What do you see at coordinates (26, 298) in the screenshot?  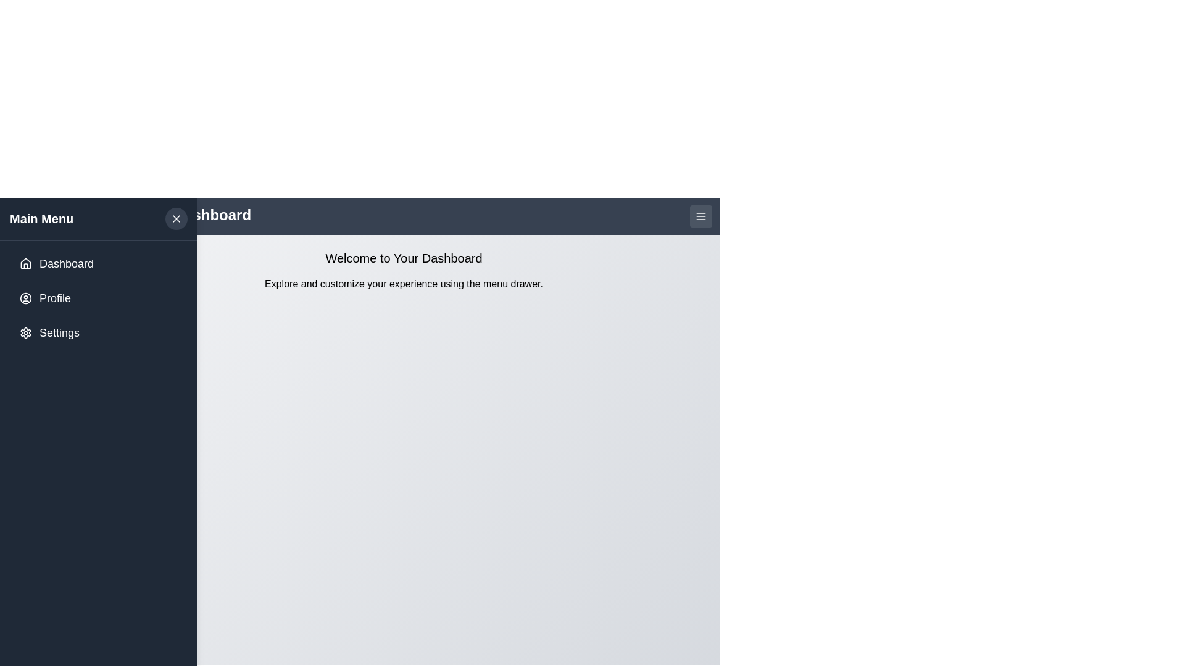 I see `the decorative circle element of the 'Profile' icon in the sidebar menu, which is located between the 'Dashboard' and 'Settings' items` at bounding box center [26, 298].